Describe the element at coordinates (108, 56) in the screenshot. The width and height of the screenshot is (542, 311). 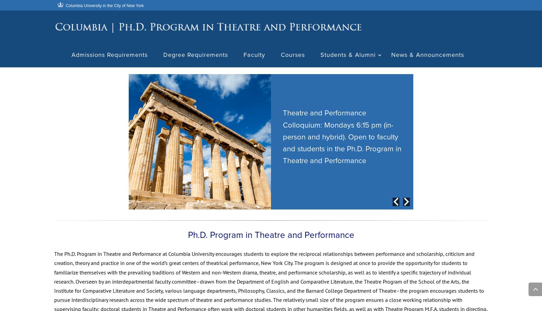
I see `'Admissions Requirements'` at that location.